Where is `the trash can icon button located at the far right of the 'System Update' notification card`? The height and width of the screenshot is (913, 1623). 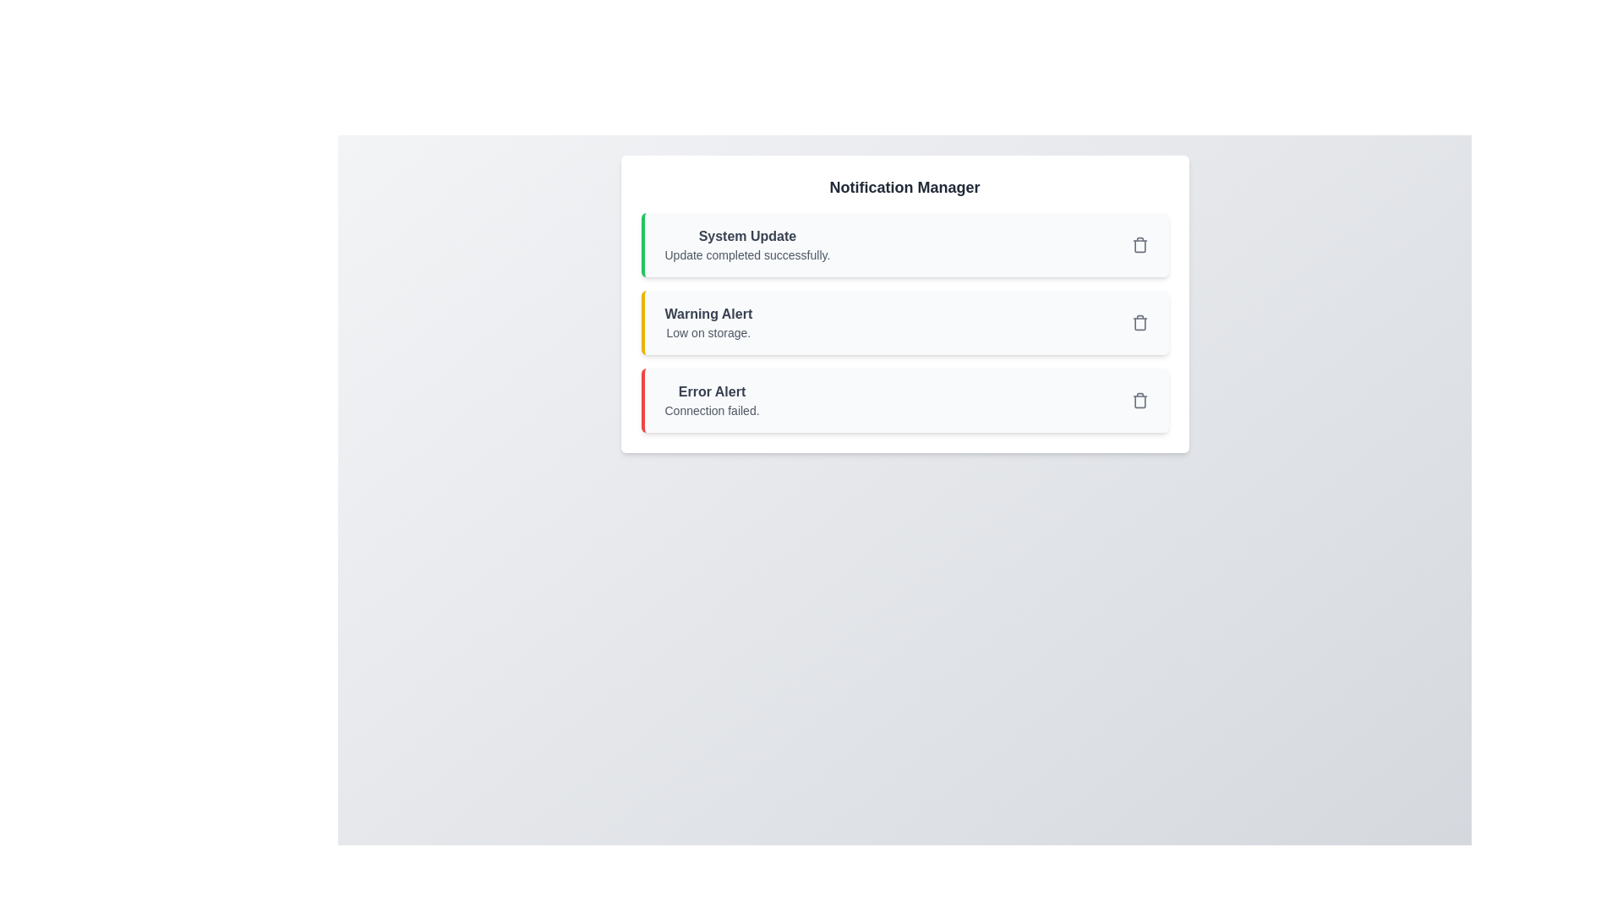
the trash can icon button located at the far right of the 'System Update' notification card is located at coordinates (1139, 244).